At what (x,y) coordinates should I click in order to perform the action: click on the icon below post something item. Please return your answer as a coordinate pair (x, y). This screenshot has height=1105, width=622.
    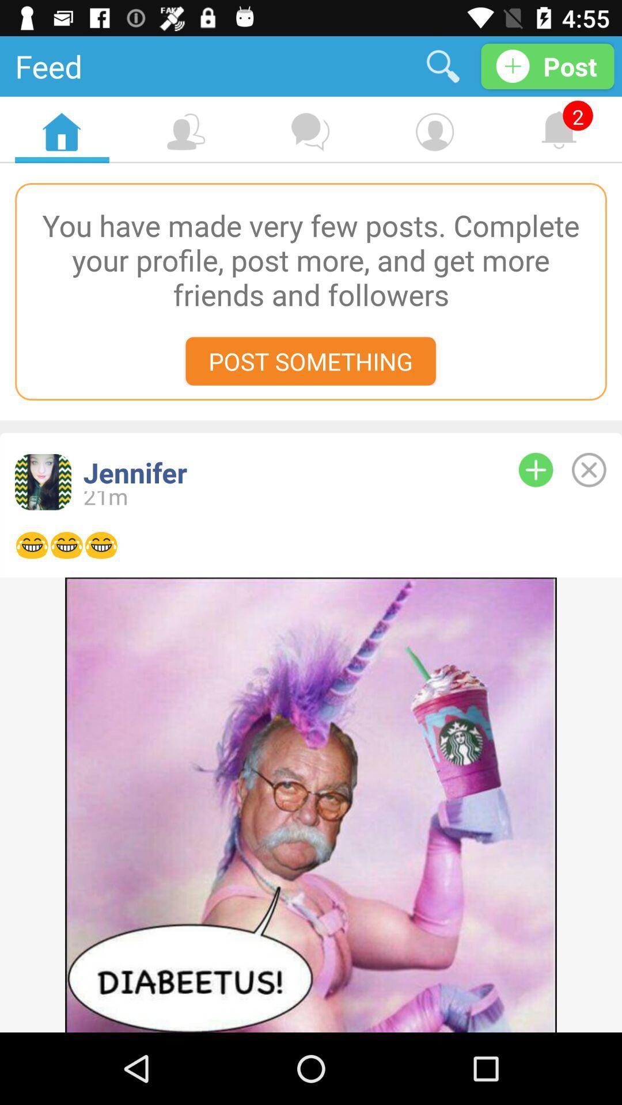
    Looking at the image, I should click on (282, 473).